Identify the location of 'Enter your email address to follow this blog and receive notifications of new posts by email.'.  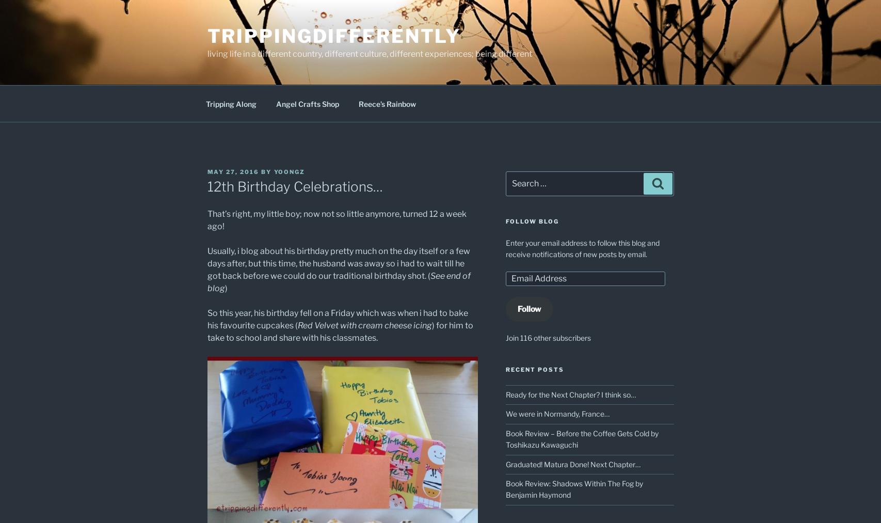
(505, 247).